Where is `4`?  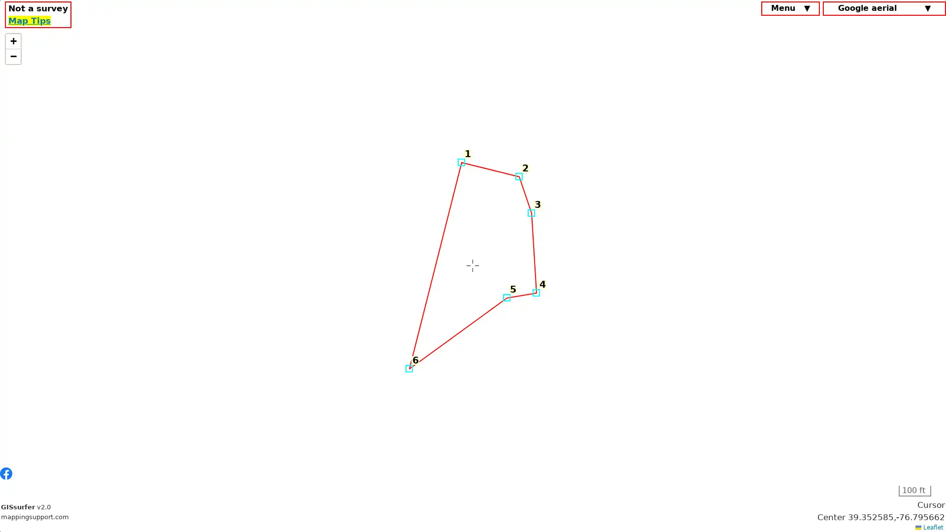 4 is located at coordinates (541, 285).